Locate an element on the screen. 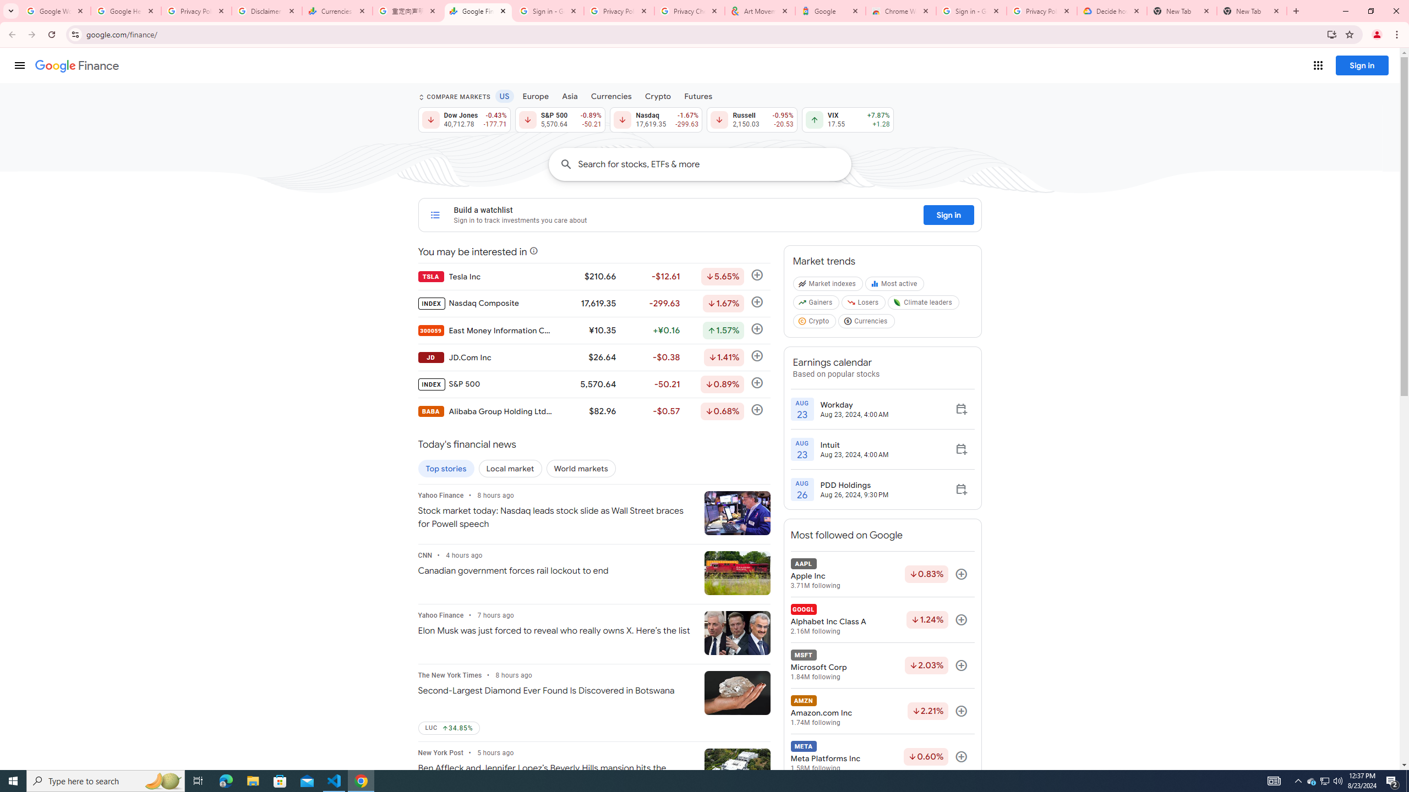 The width and height of the screenshot is (1409, 792). 'Follow' is located at coordinates (961, 757).